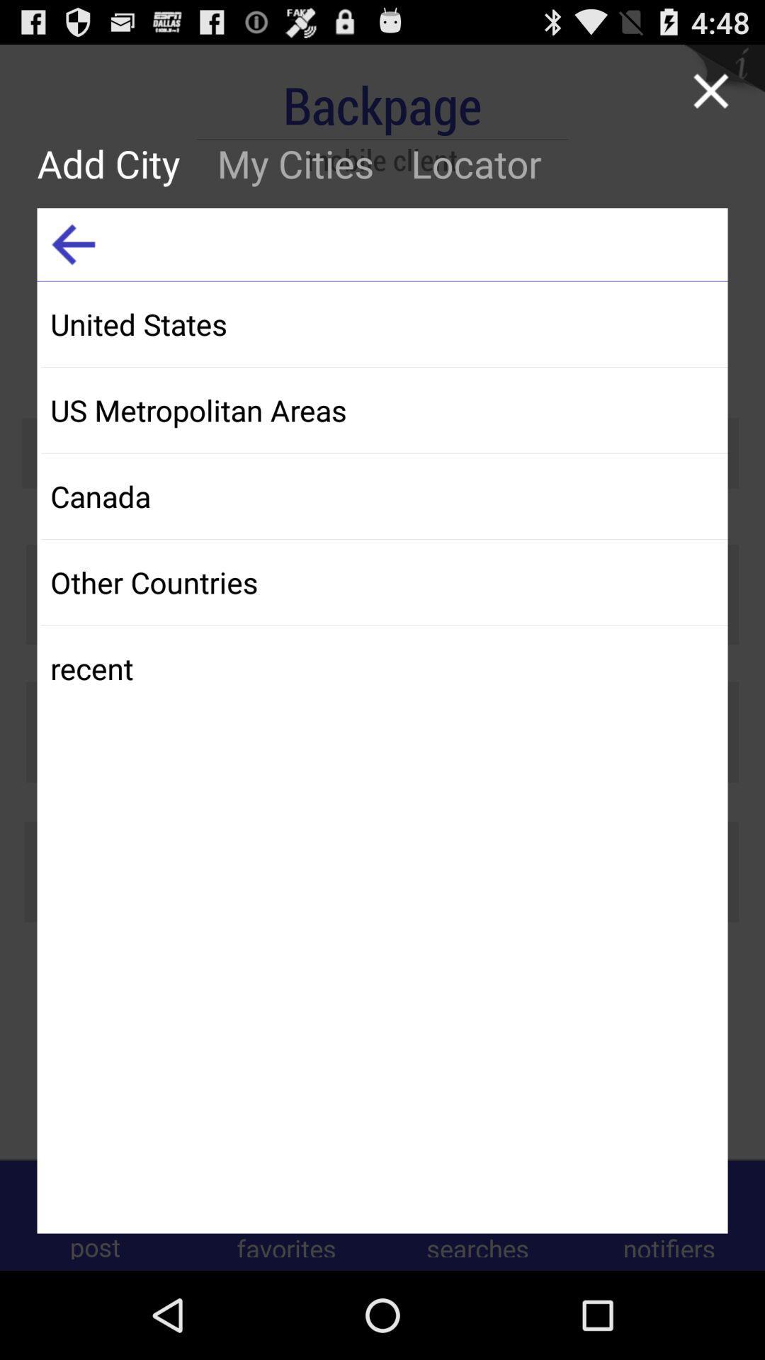  I want to click on the add city icon, so click(117, 163).